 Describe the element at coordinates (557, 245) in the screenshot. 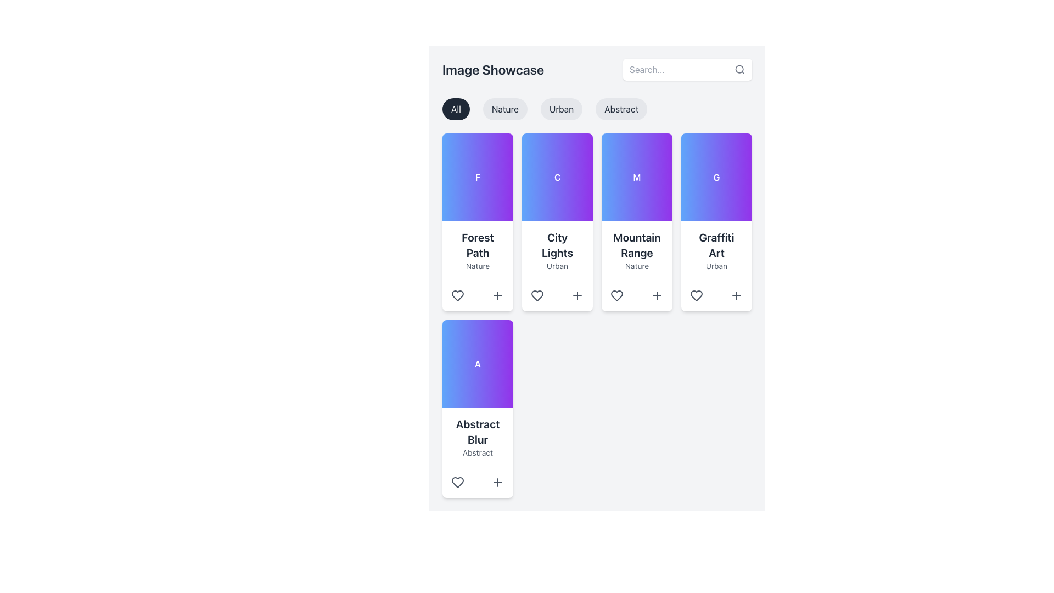

I see `the text label 'City Lights' which is styled in bold sans-serif font and is positioned above the text 'Urban' in a card with a gradient blue and purple background` at that location.